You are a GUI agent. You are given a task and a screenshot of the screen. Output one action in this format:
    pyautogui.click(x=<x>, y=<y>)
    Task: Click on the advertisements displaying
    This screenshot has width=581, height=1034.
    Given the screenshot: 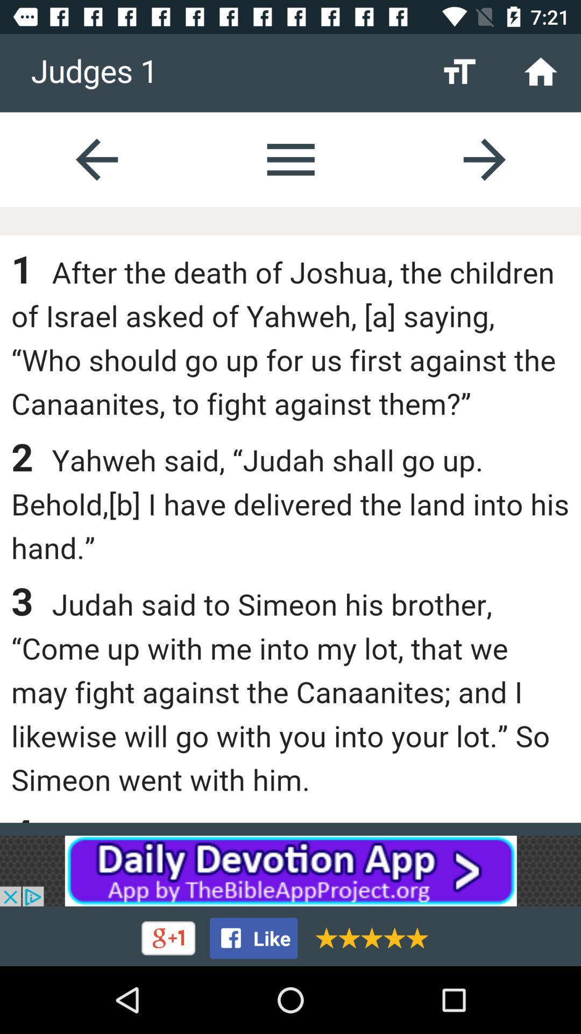 What is the action you would take?
    pyautogui.click(x=290, y=871)
    